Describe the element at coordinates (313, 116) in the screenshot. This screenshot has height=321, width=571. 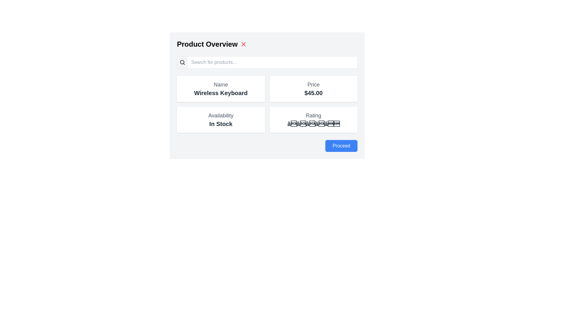
I see `the 'Rating' text label, which is a medium-sized gray font positioned above the star symbols in the bottom right section of the interface` at that location.